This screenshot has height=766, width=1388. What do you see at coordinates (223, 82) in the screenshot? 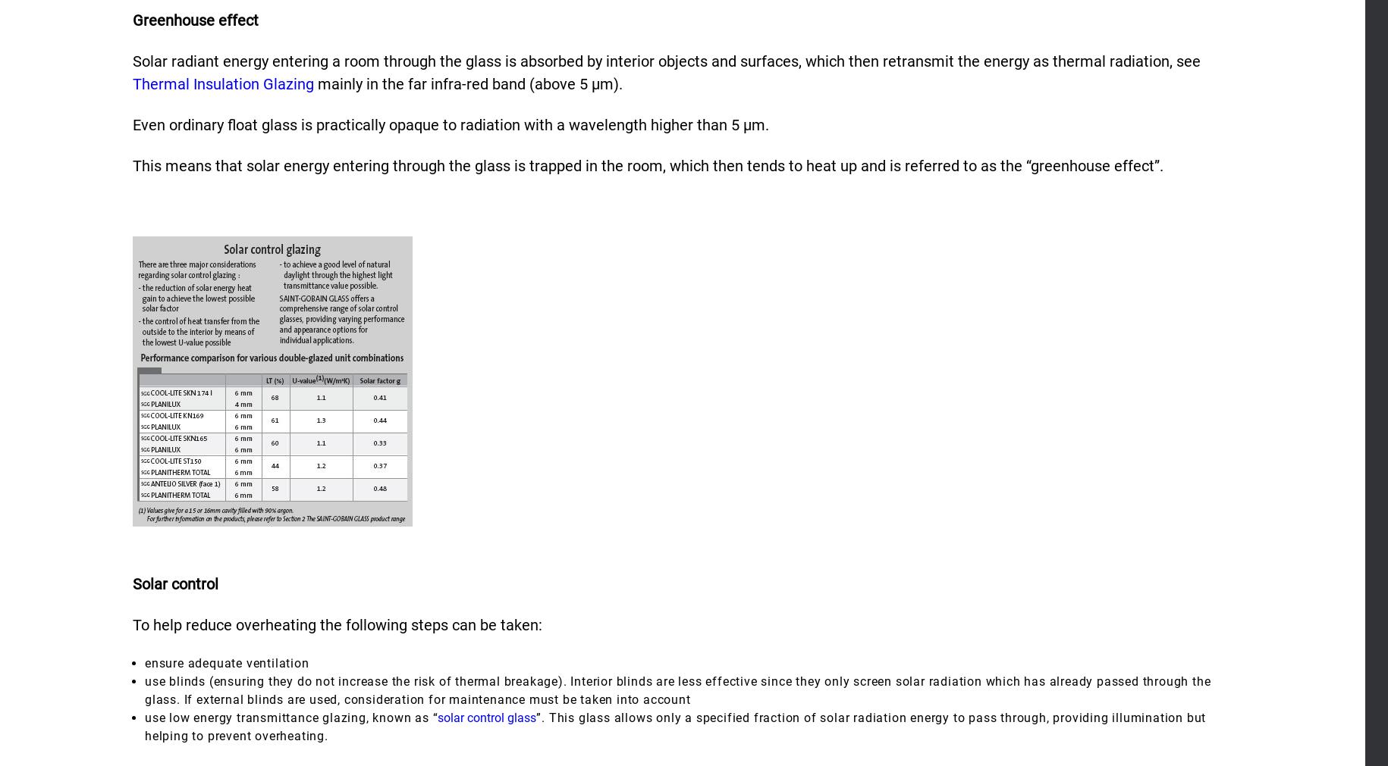
I see `'Thermal Insulation Glazing'` at bounding box center [223, 82].